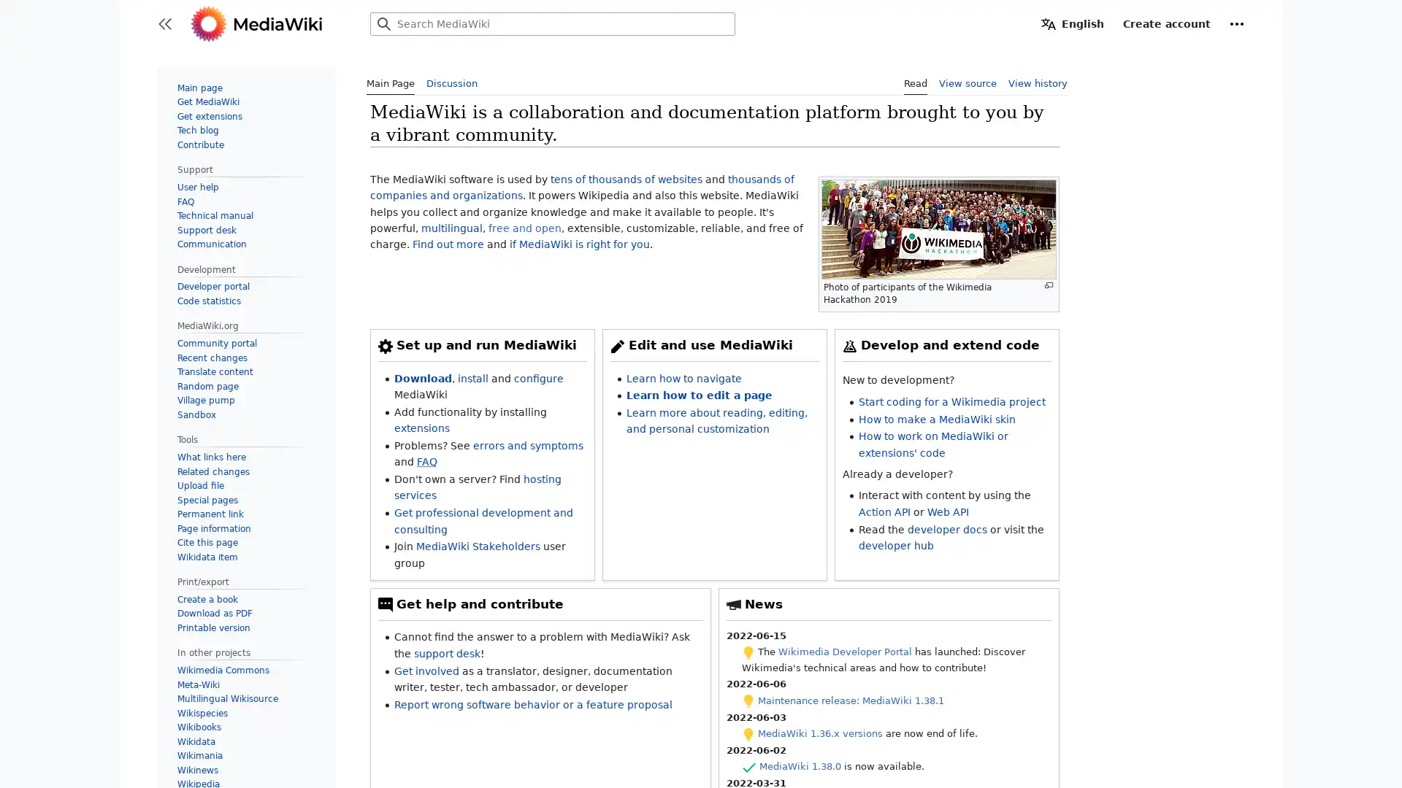 The width and height of the screenshot is (1402, 788). I want to click on Go, so click(384, 24).